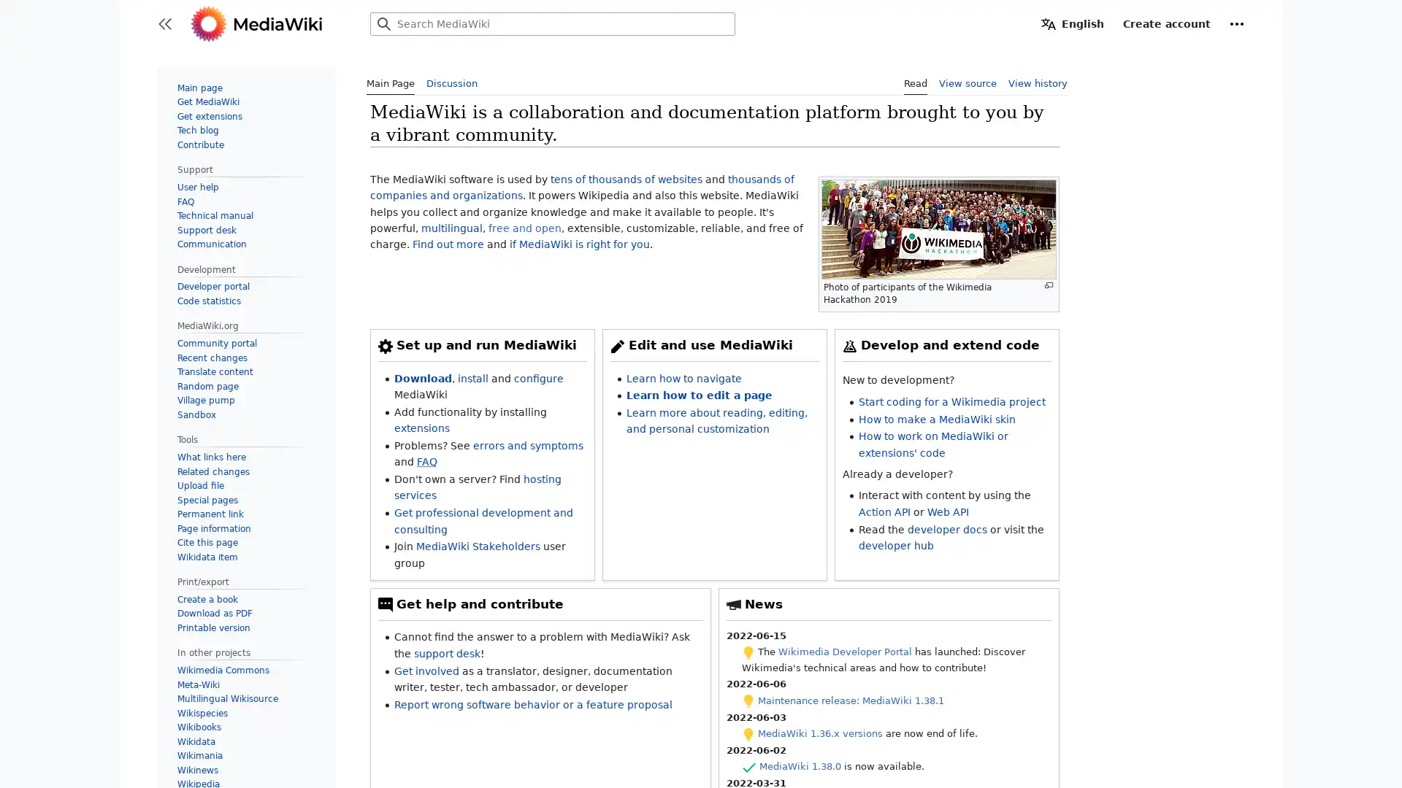 The width and height of the screenshot is (1402, 788). I want to click on Go, so click(384, 24).